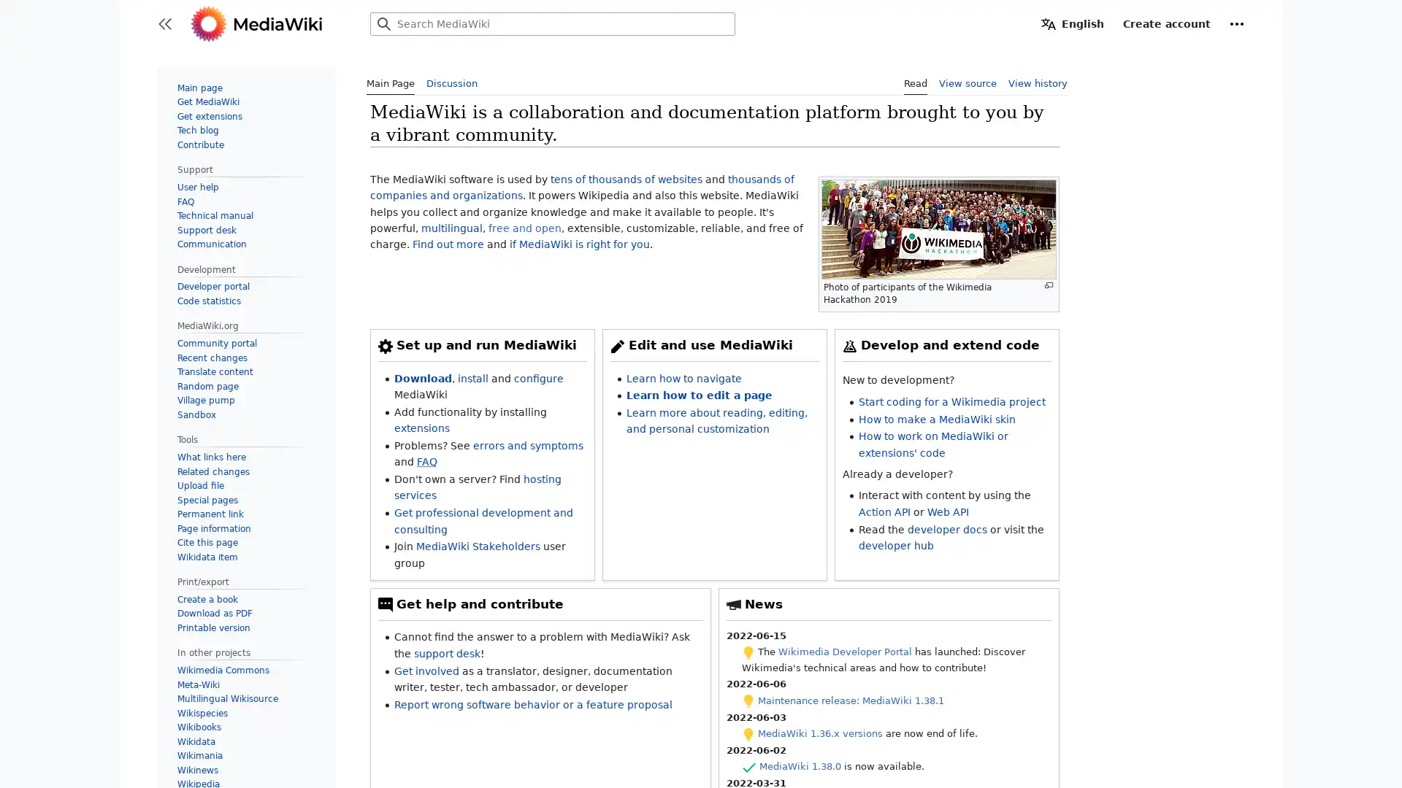 The width and height of the screenshot is (1402, 788). I want to click on Go, so click(384, 24).